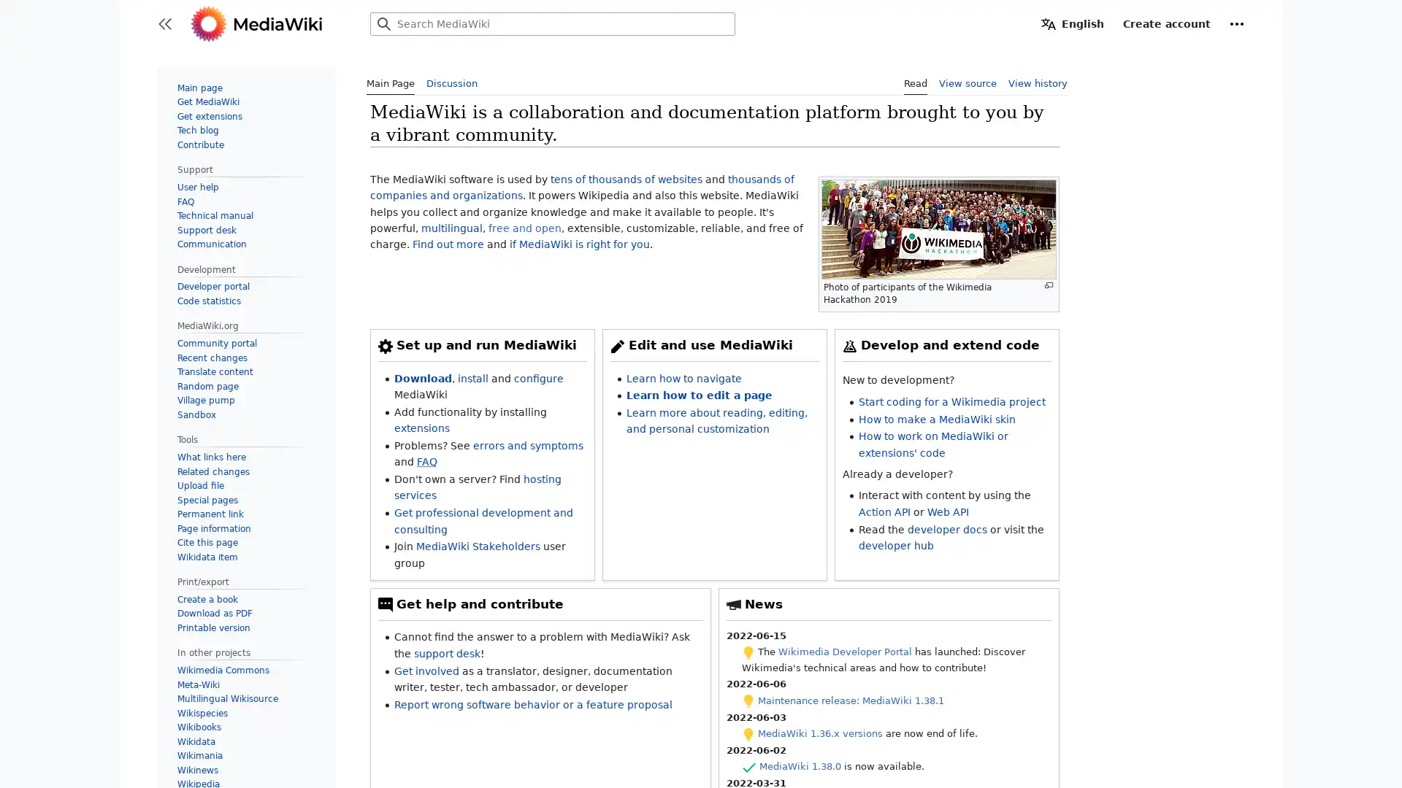 The width and height of the screenshot is (1402, 788). I want to click on Go, so click(384, 24).